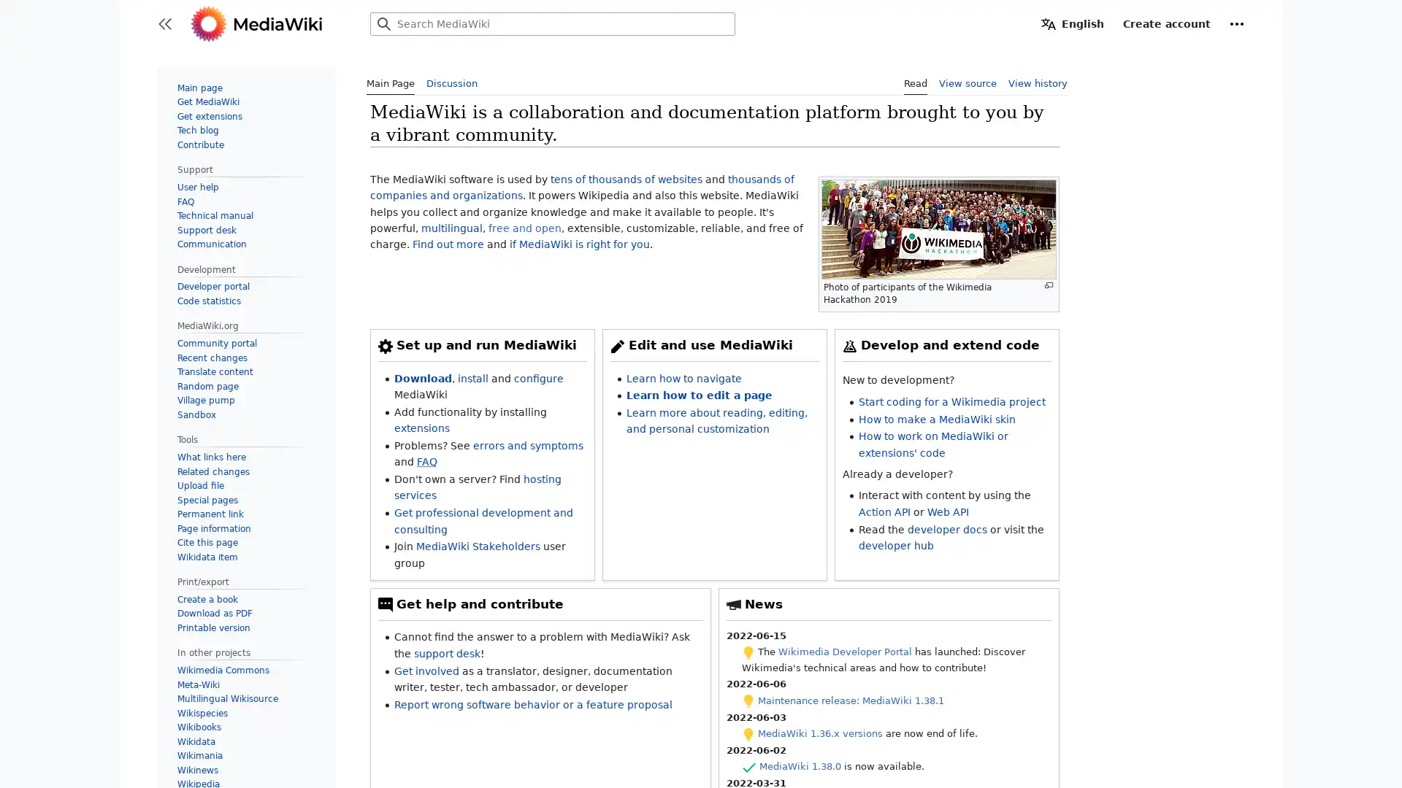 The width and height of the screenshot is (1402, 788). I want to click on Go, so click(384, 24).